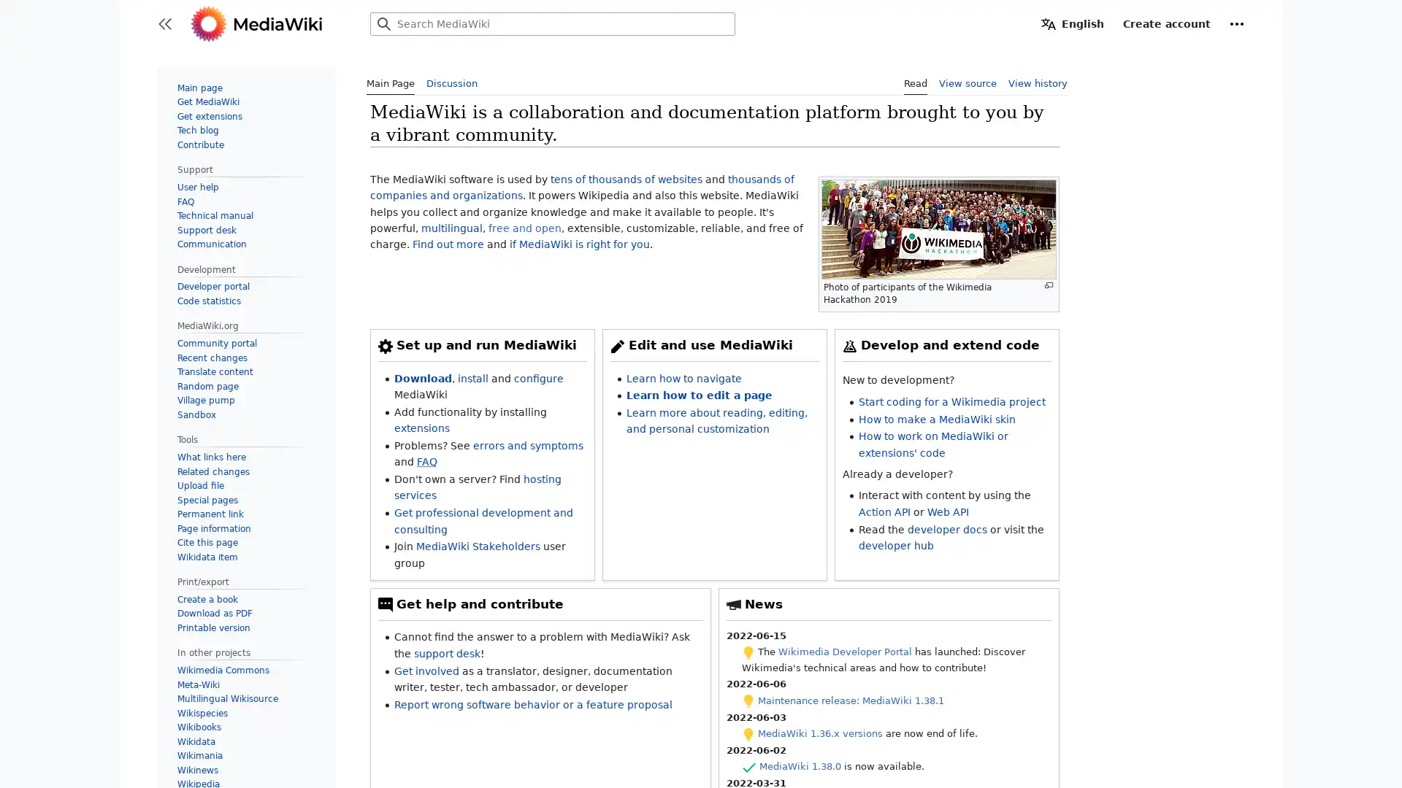 The width and height of the screenshot is (1402, 788). I want to click on Go, so click(384, 24).